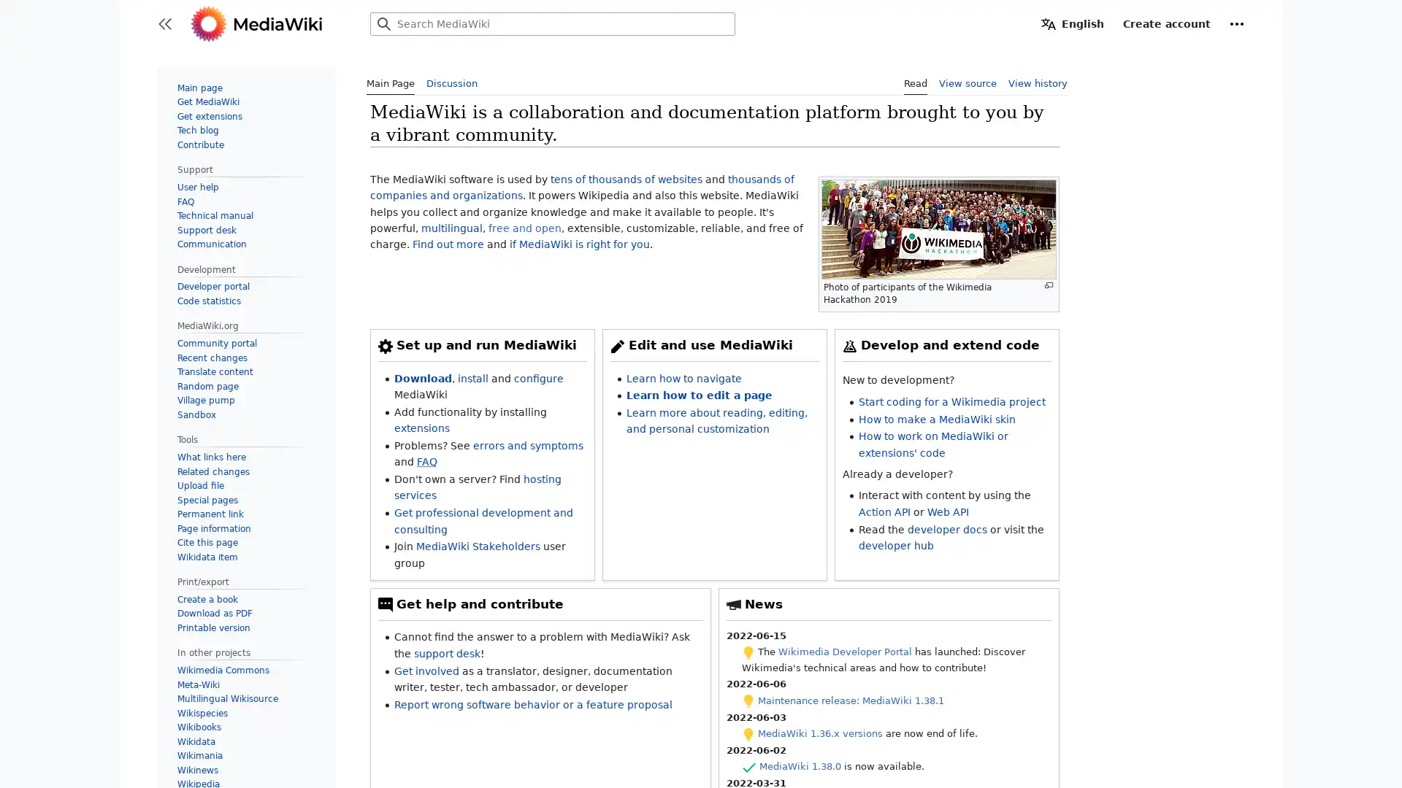 The width and height of the screenshot is (1402, 788). I want to click on Go, so click(384, 24).